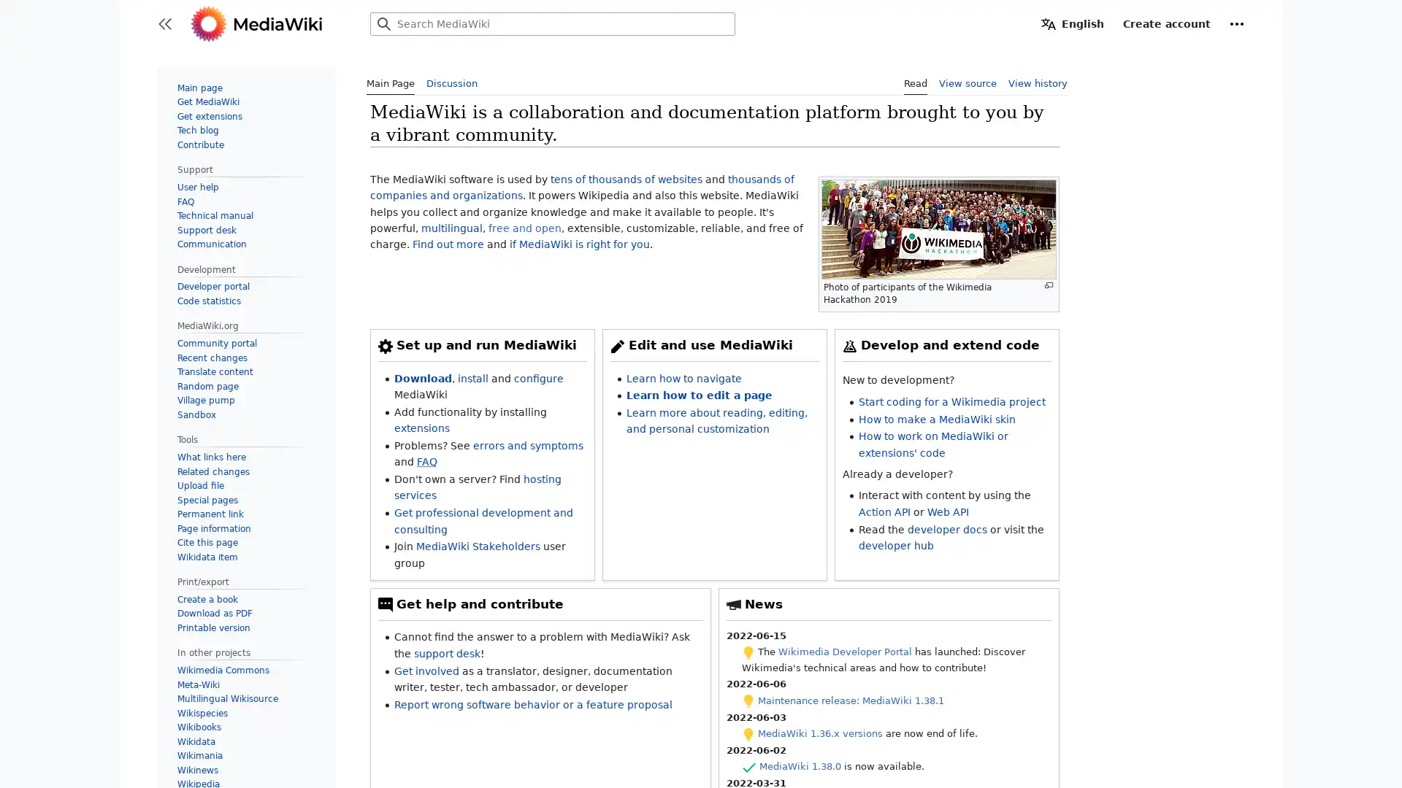 The width and height of the screenshot is (1402, 788). I want to click on Go, so click(384, 24).